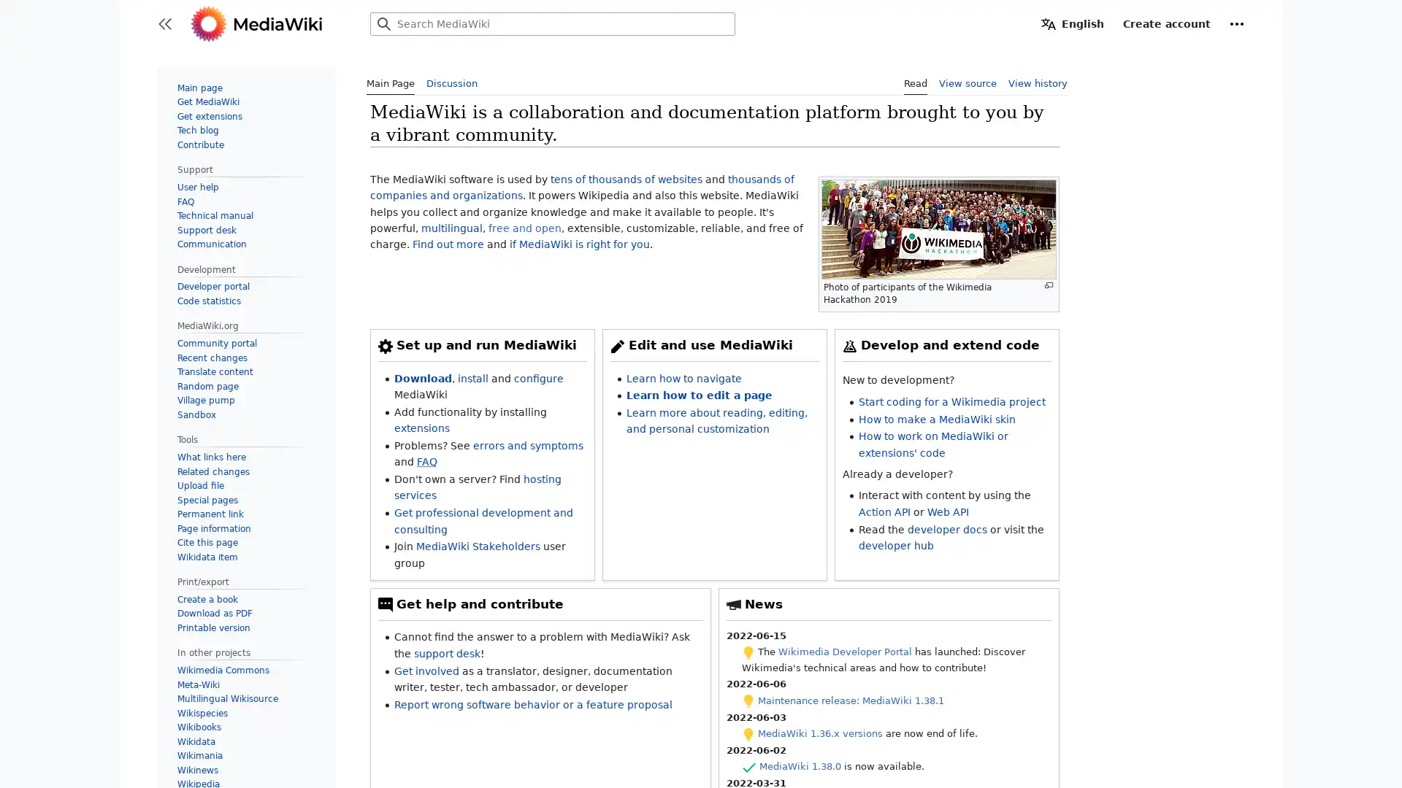 The width and height of the screenshot is (1402, 788). I want to click on Go, so click(384, 24).